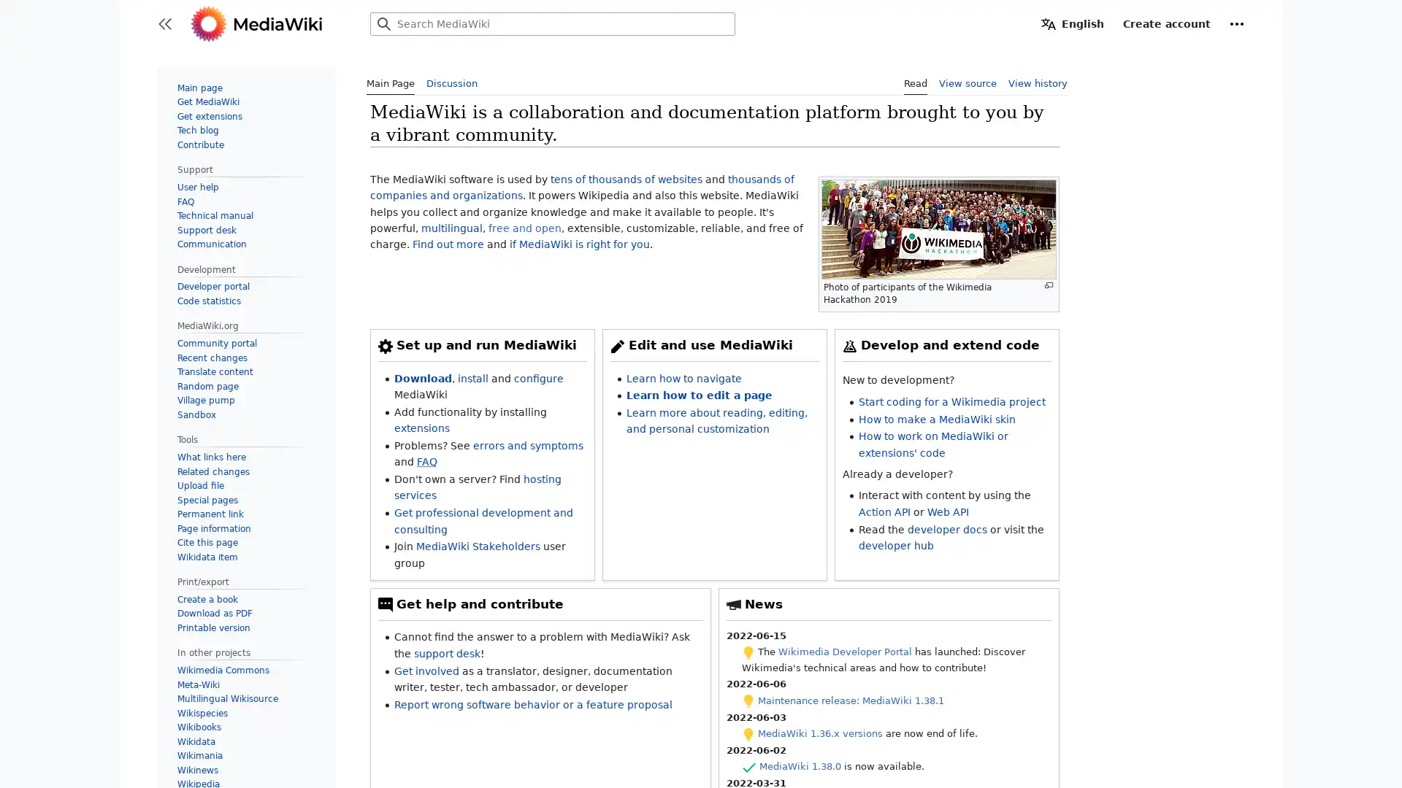 The width and height of the screenshot is (1402, 788). I want to click on Go, so click(384, 24).